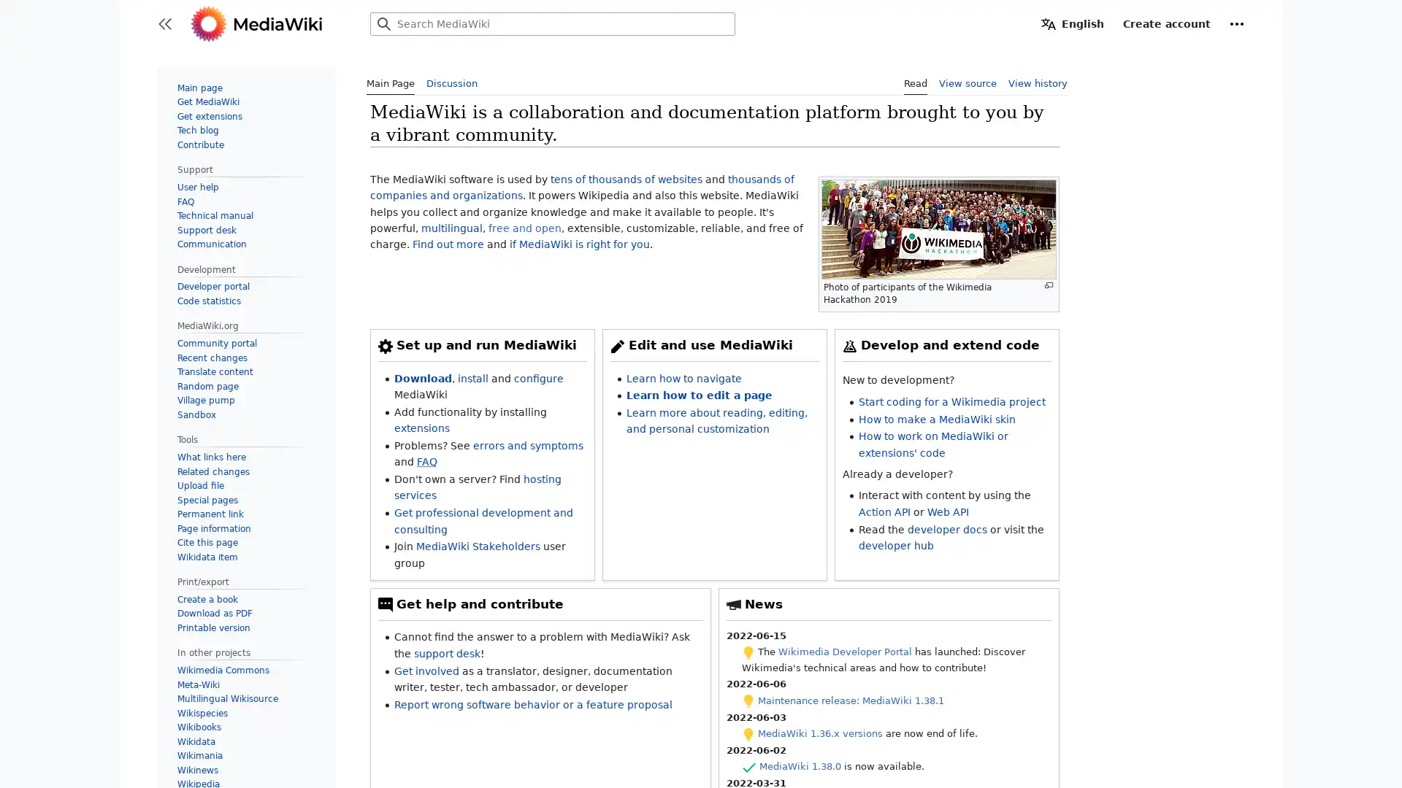 The width and height of the screenshot is (1402, 788). I want to click on Go, so click(384, 24).